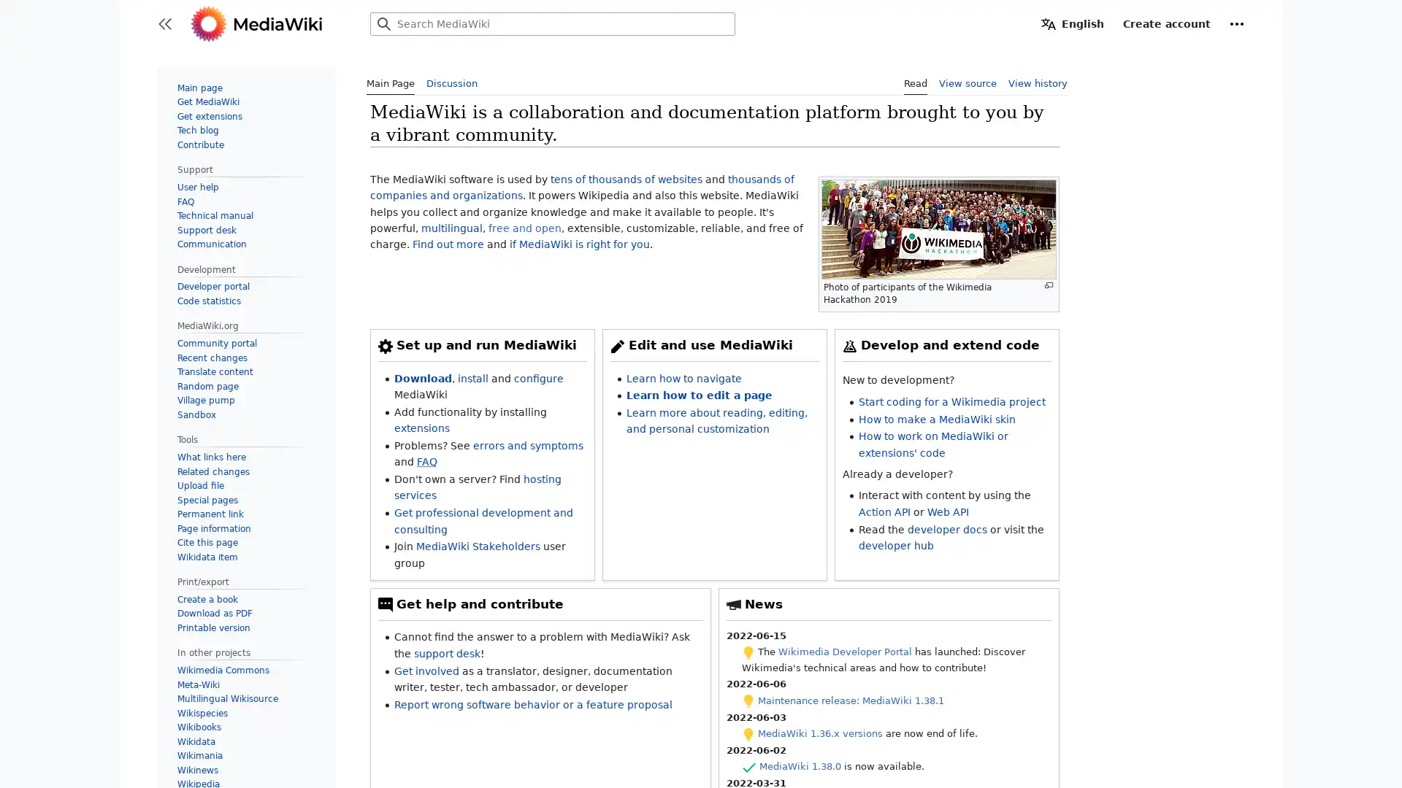 The width and height of the screenshot is (1402, 788). I want to click on Go, so click(384, 24).